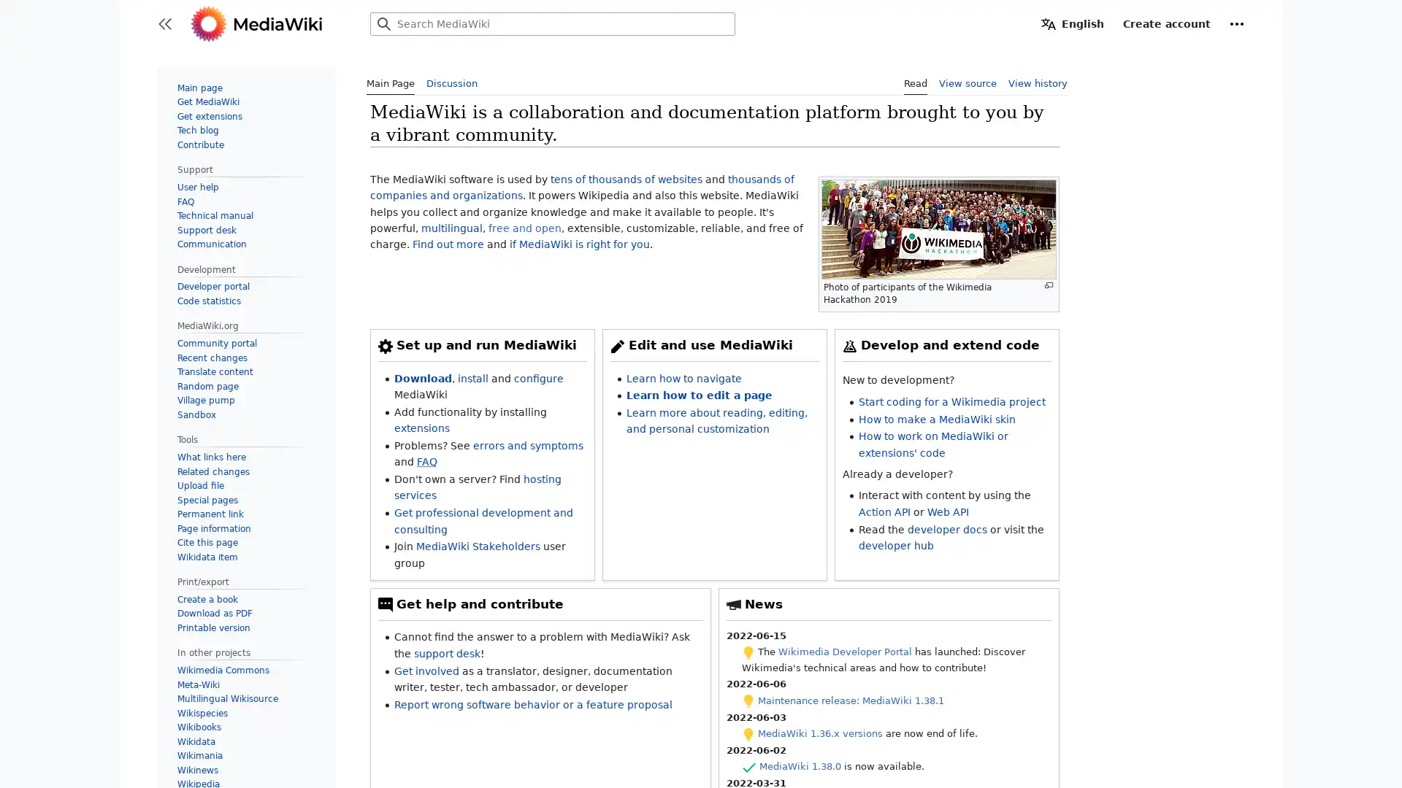 The width and height of the screenshot is (1402, 788). I want to click on Go, so click(384, 24).